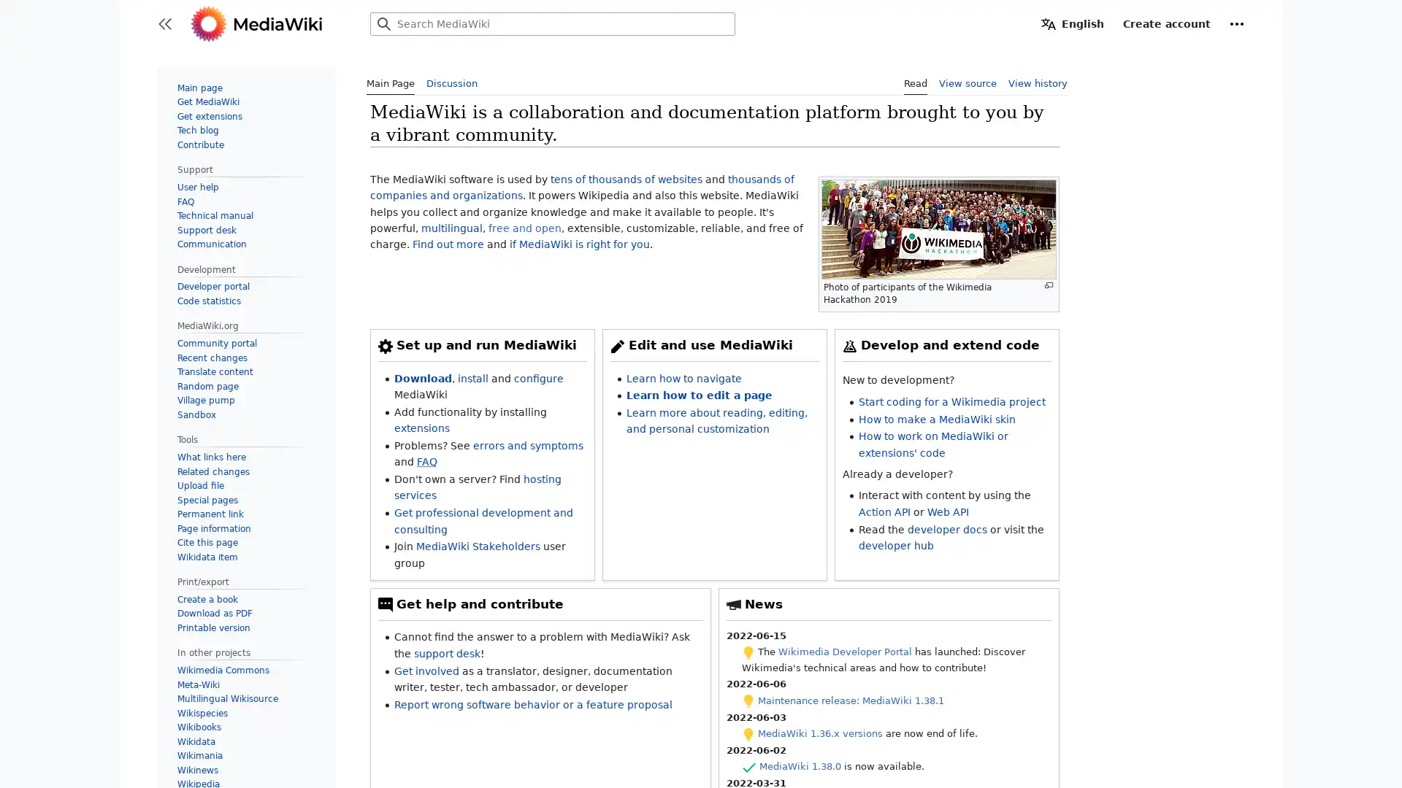 The width and height of the screenshot is (1402, 788). I want to click on Go, so click(384, 24).